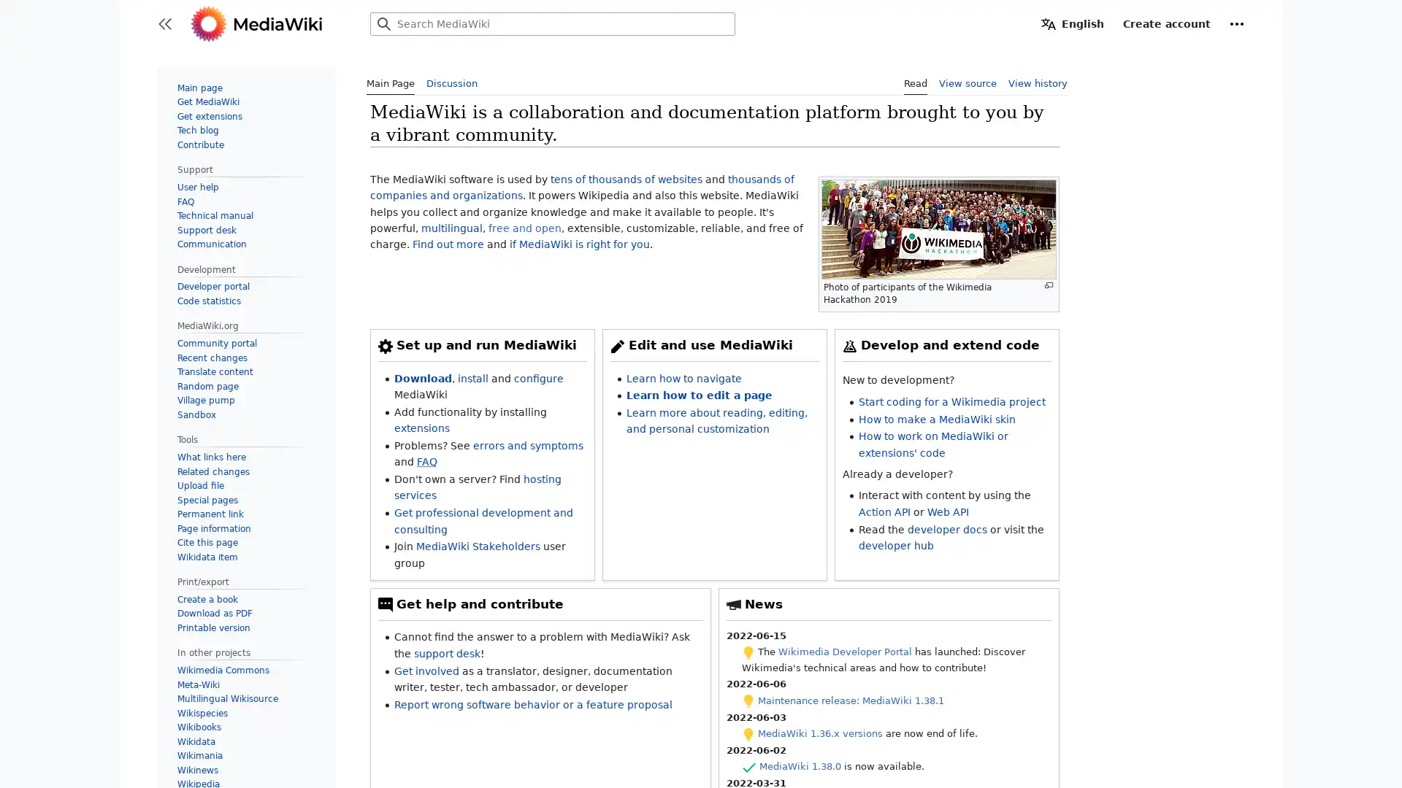 The width and height of the screenshot is (1402, 788). I want to click on Go, so click(384, 24).